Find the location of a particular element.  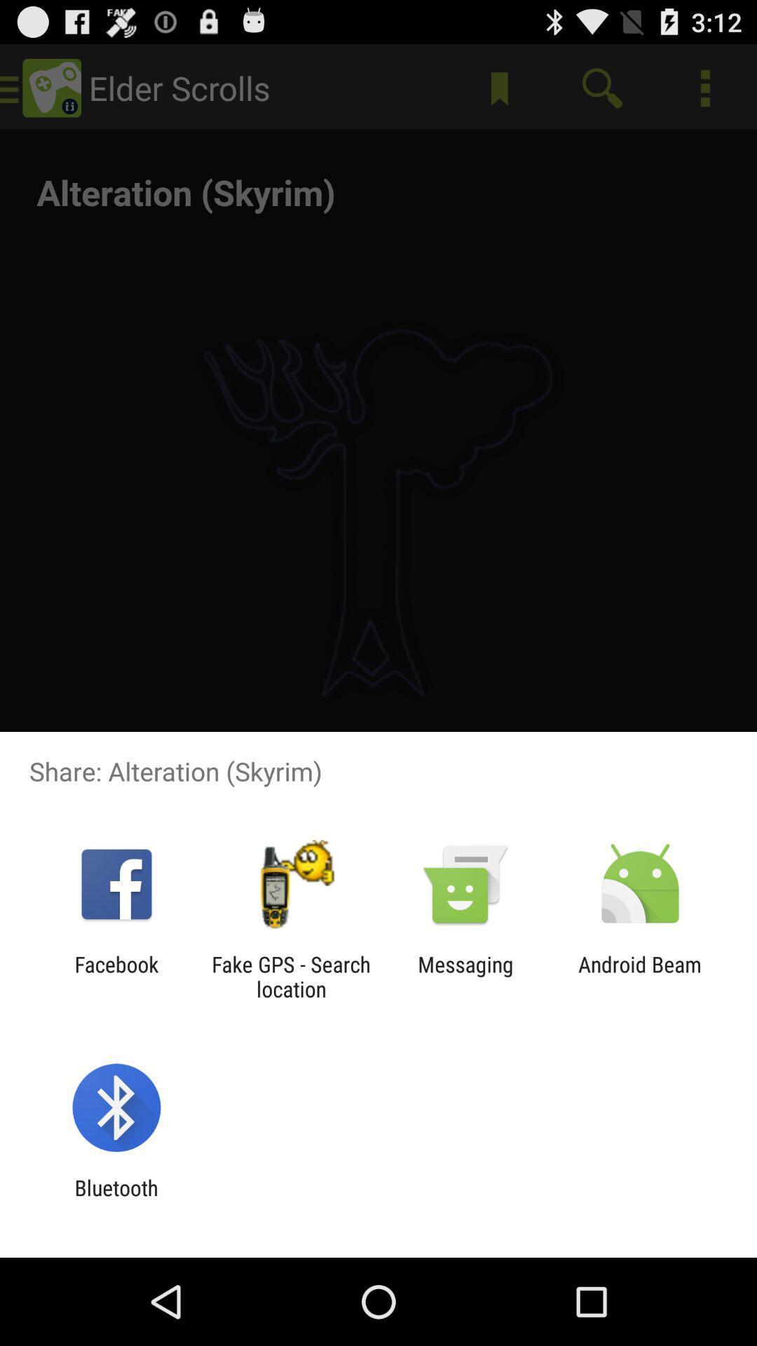

android beam at the bottom right corner is located at coordinates (640, 976).